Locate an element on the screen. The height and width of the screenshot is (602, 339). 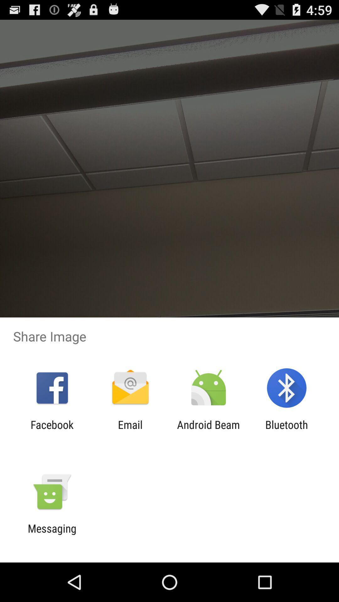
the item to the left of the email app is located at coordinates (52, 431).